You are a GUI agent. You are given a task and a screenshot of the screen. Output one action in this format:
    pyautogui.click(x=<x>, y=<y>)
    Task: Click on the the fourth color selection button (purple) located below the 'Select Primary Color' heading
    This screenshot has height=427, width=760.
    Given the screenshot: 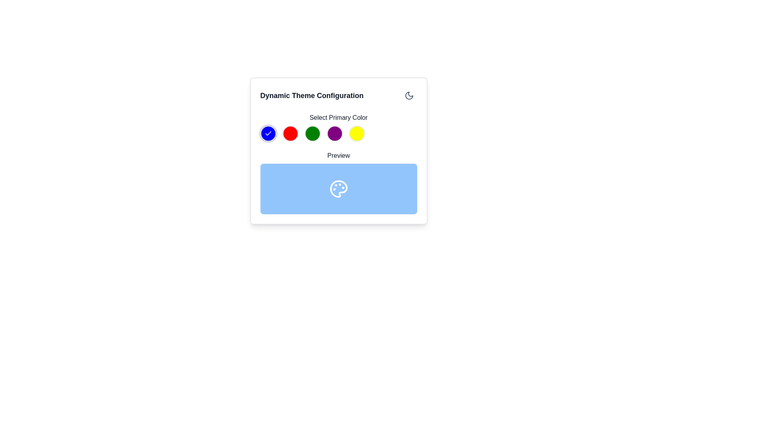 What is the action you would take?
    pyautogui.click(x=338, y=127)
    